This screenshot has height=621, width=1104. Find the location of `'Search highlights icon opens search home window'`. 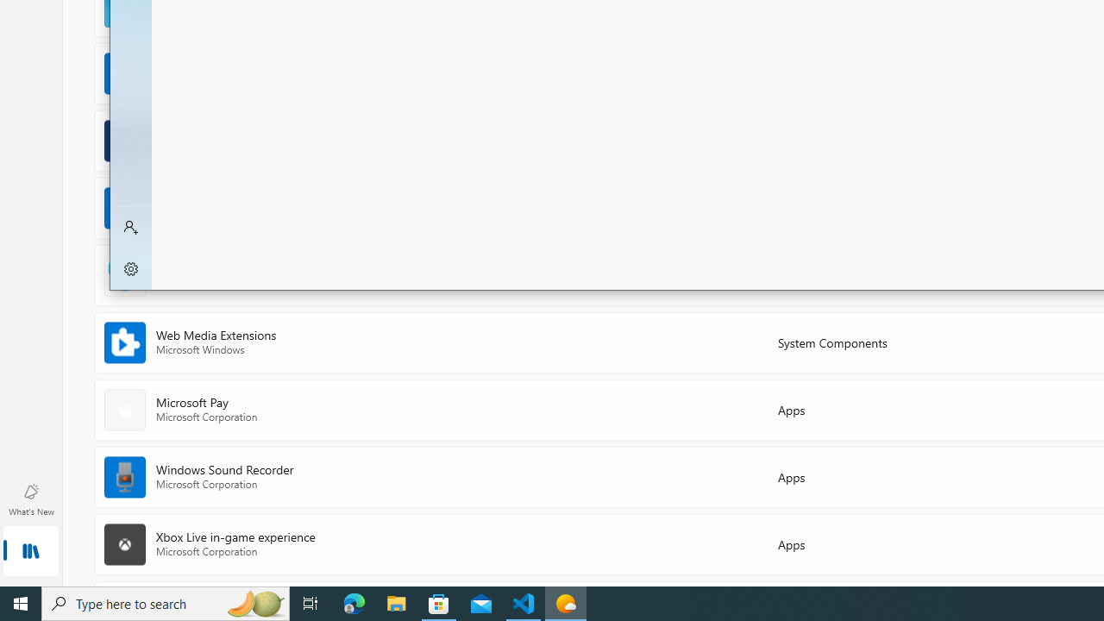

'Search highlights icon opens search home window' is located at coordinates (254, 602).